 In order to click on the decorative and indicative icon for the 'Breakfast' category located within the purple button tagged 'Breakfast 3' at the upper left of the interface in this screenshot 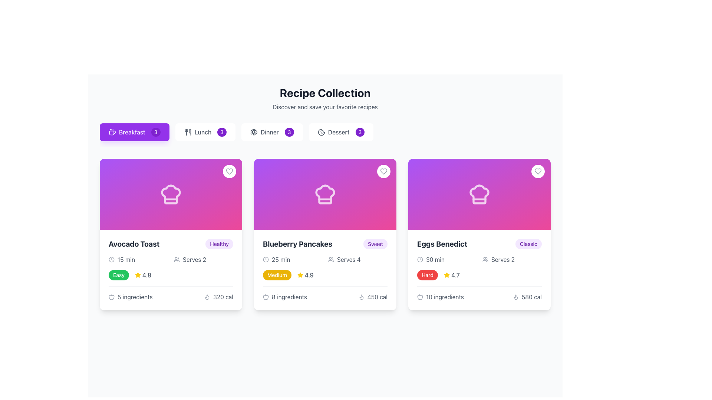, I will do `click(112, 132)`.